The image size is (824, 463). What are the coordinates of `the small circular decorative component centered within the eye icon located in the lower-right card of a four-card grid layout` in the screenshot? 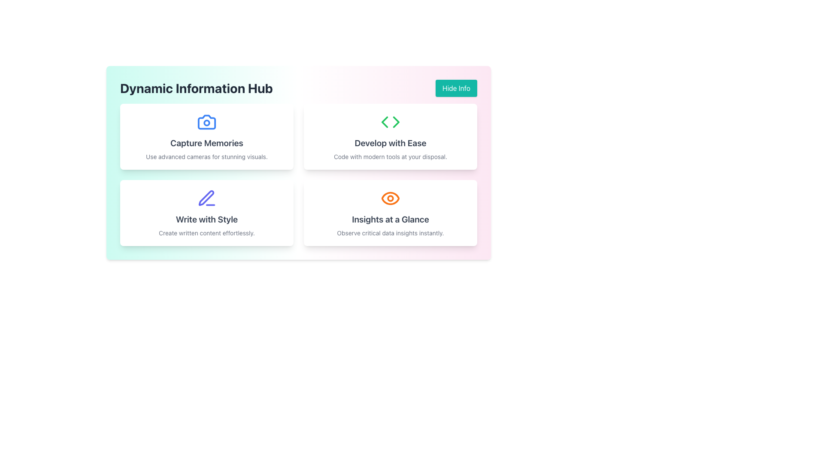 It's located at (390, 198).